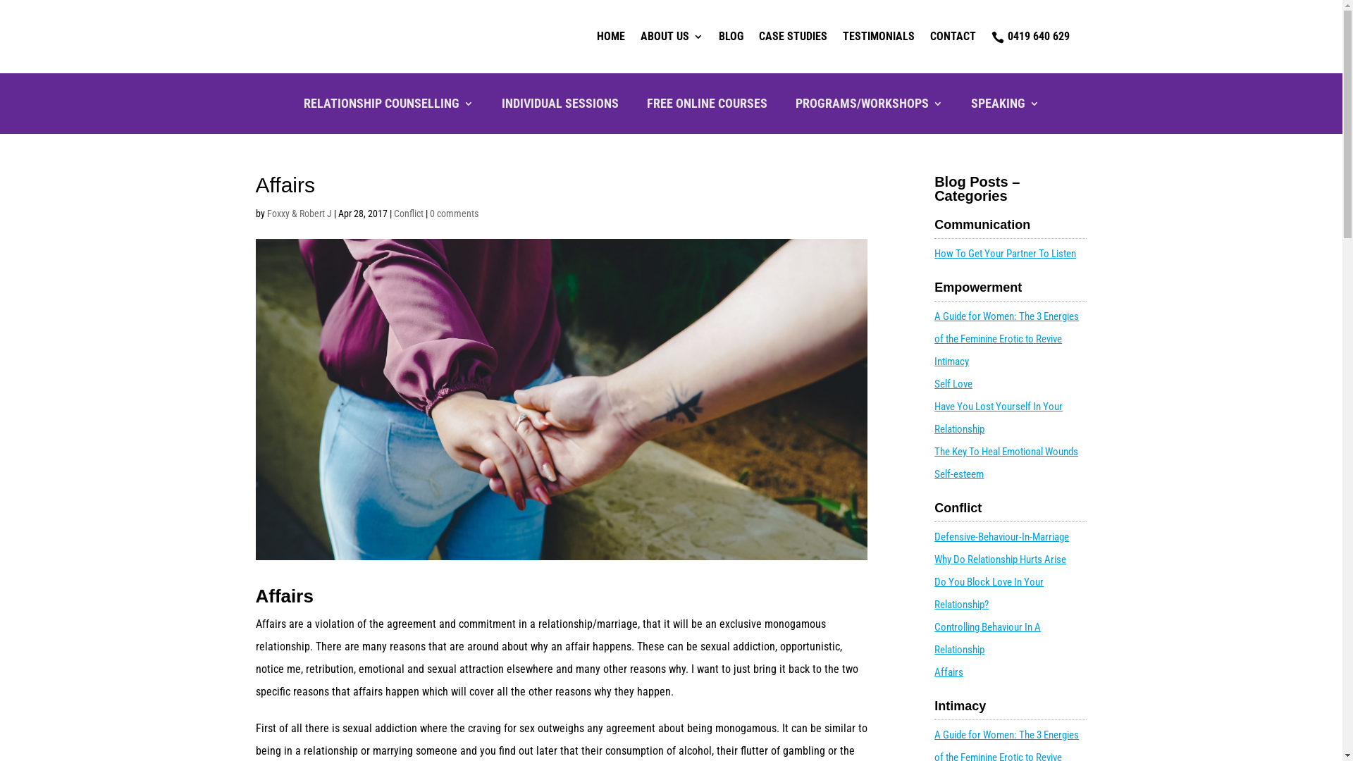  I want to click on 'Do You Block Love In Your Relationship?', so click(988, 593).